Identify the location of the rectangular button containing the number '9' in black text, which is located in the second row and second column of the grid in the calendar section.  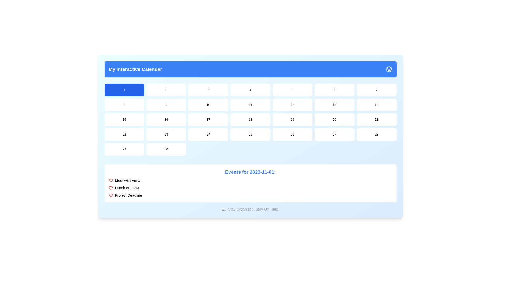
(166, 105).